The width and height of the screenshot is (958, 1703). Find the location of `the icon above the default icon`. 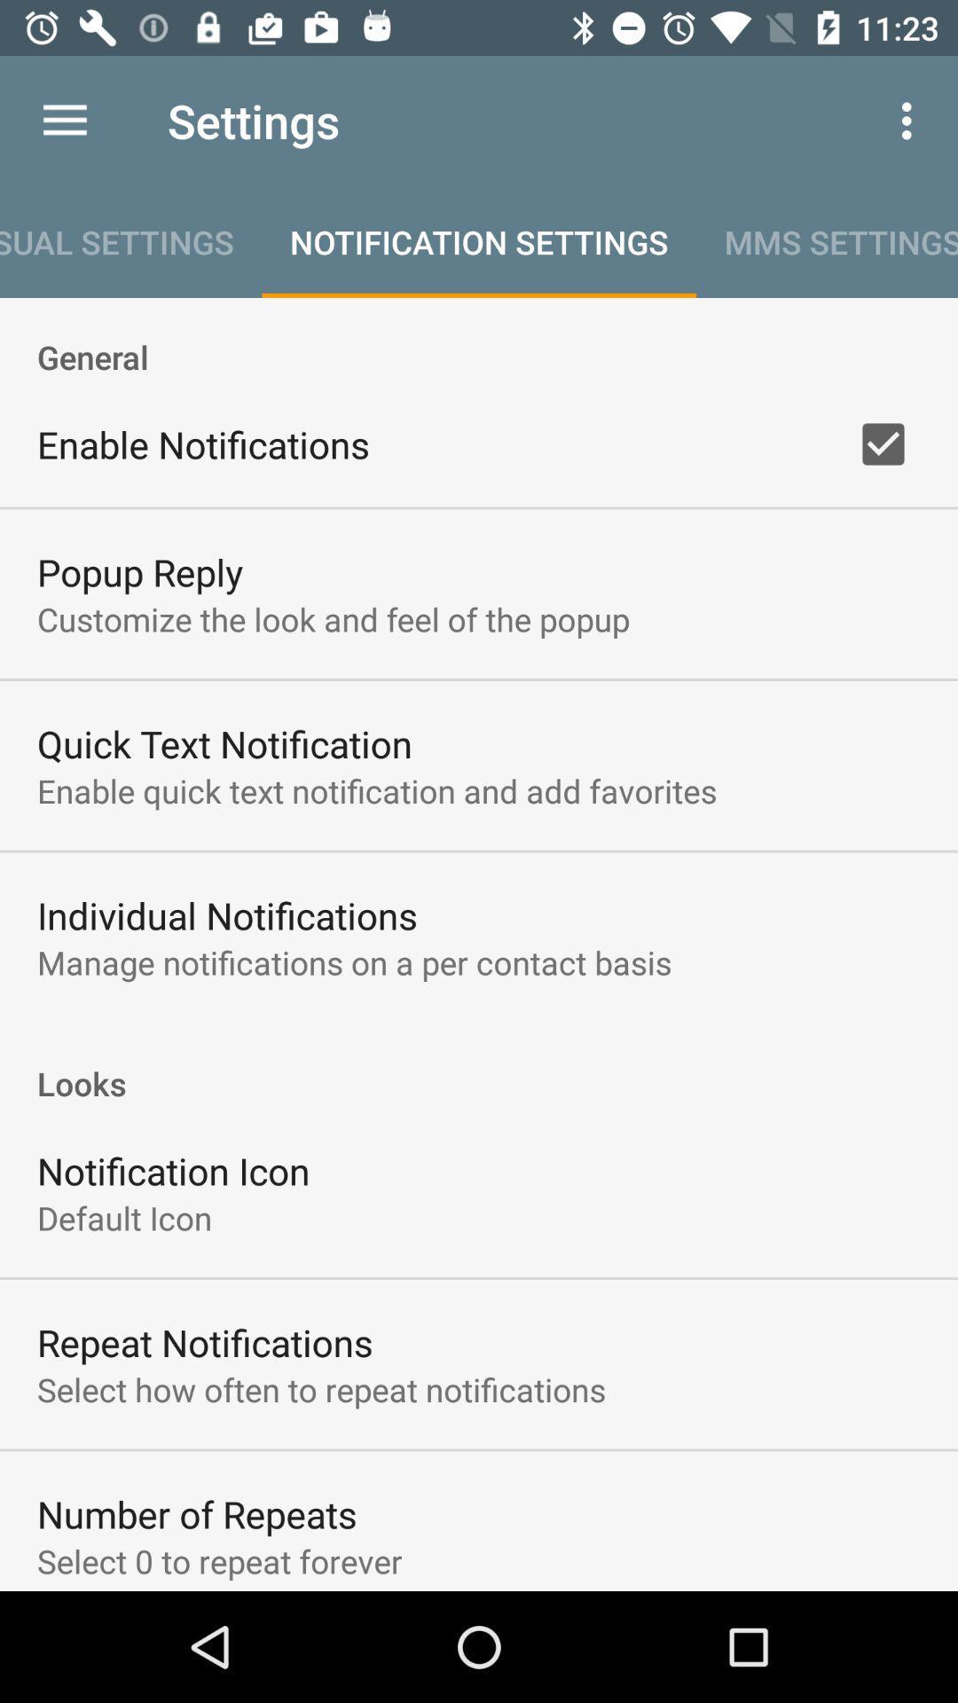

the icon above the default icon is located at coordinates (173, 1171).